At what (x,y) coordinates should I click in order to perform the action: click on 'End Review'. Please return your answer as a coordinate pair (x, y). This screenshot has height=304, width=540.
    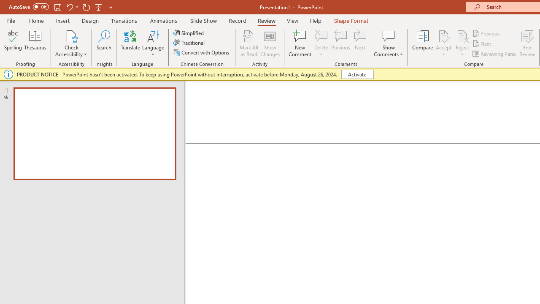
    Looking at the image, I should click on (526, 43).